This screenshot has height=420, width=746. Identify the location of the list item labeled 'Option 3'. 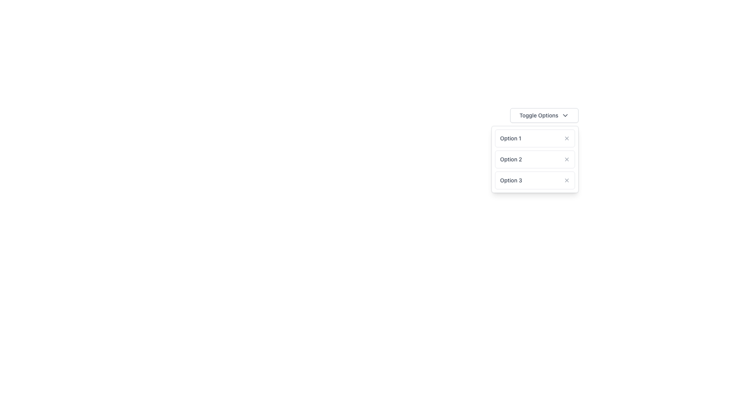
(535, 180).